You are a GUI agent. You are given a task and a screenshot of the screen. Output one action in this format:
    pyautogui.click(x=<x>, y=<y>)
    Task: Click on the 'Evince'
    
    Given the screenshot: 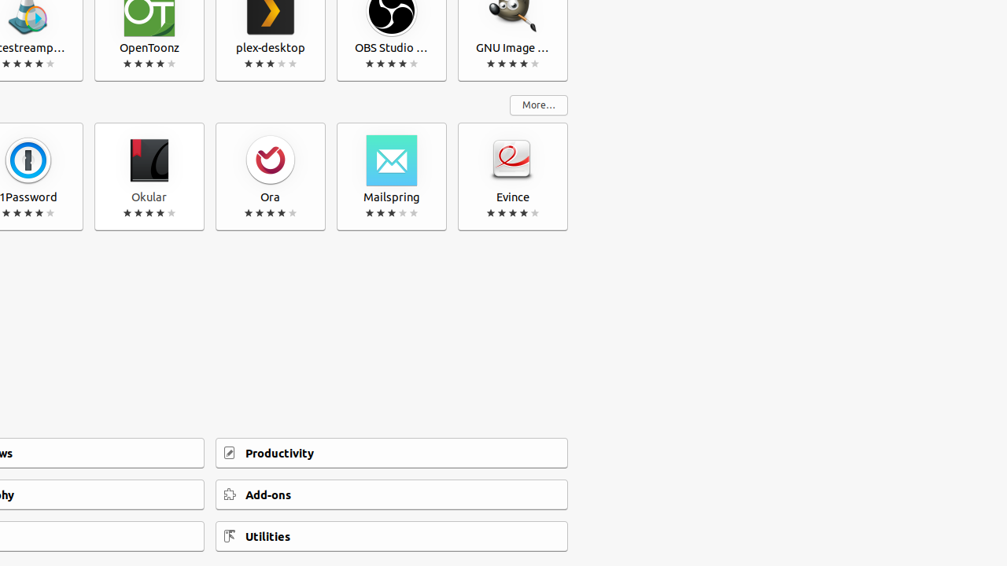 What is the action you would take?
    pyautogui.click(x=513, y=177)
    